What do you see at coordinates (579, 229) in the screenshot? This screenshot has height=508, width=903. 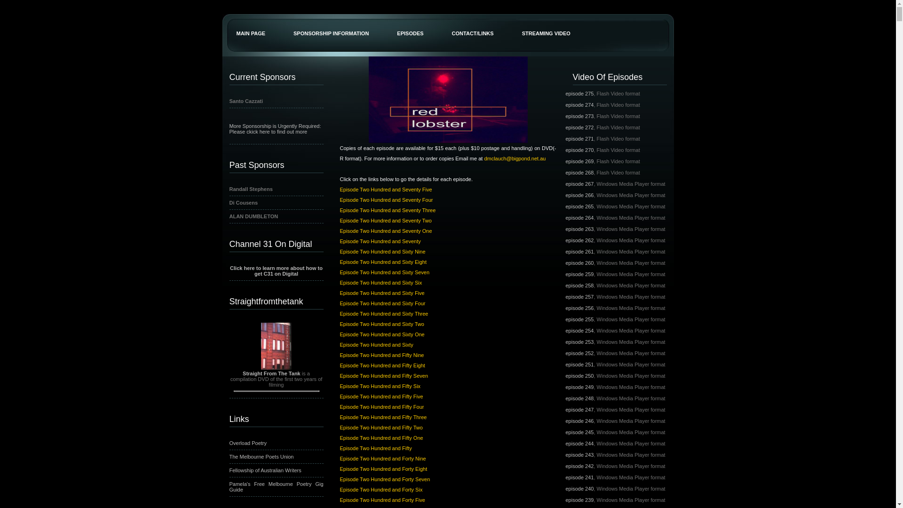 I see `'episode 263'` at bounding box center [579, 229].